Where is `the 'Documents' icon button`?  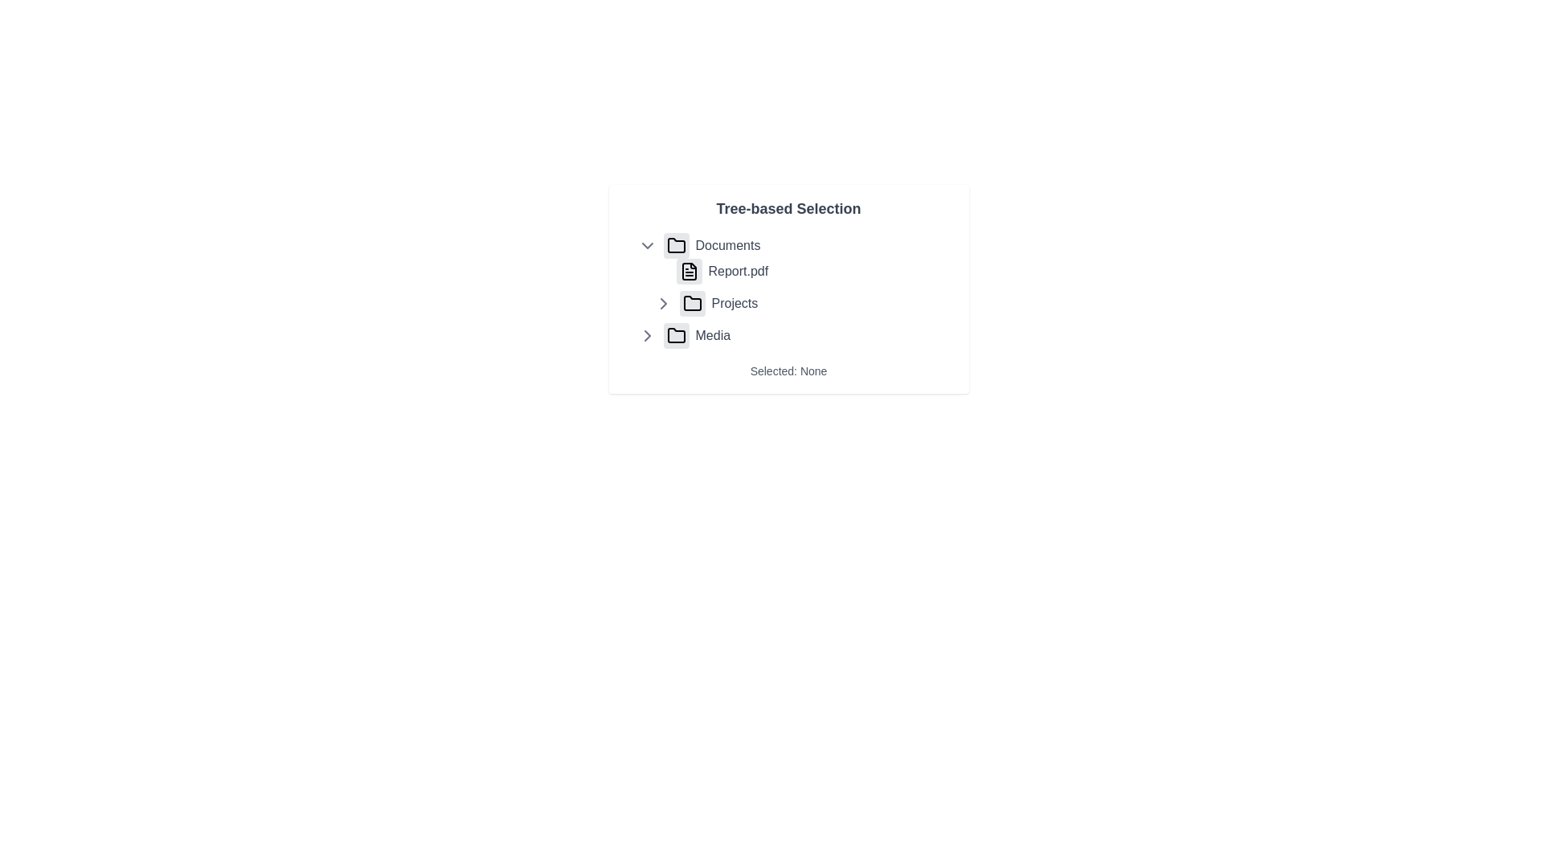 the 'Documents' icon button is located at coordinates (676, 245).